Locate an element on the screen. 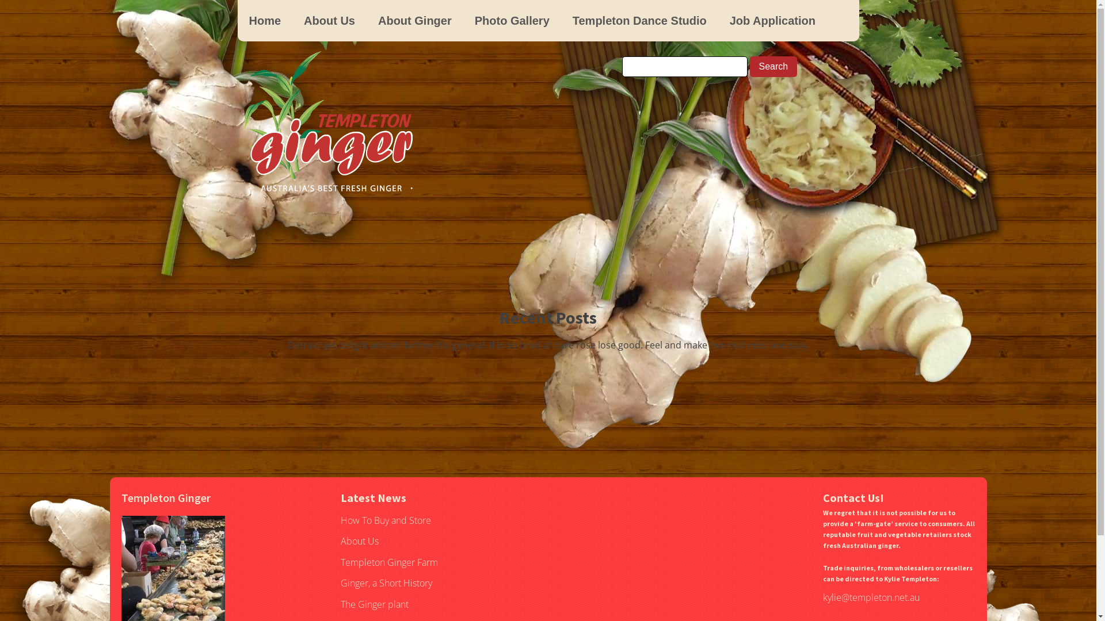  'Search' is located at coordinates (773, 66).